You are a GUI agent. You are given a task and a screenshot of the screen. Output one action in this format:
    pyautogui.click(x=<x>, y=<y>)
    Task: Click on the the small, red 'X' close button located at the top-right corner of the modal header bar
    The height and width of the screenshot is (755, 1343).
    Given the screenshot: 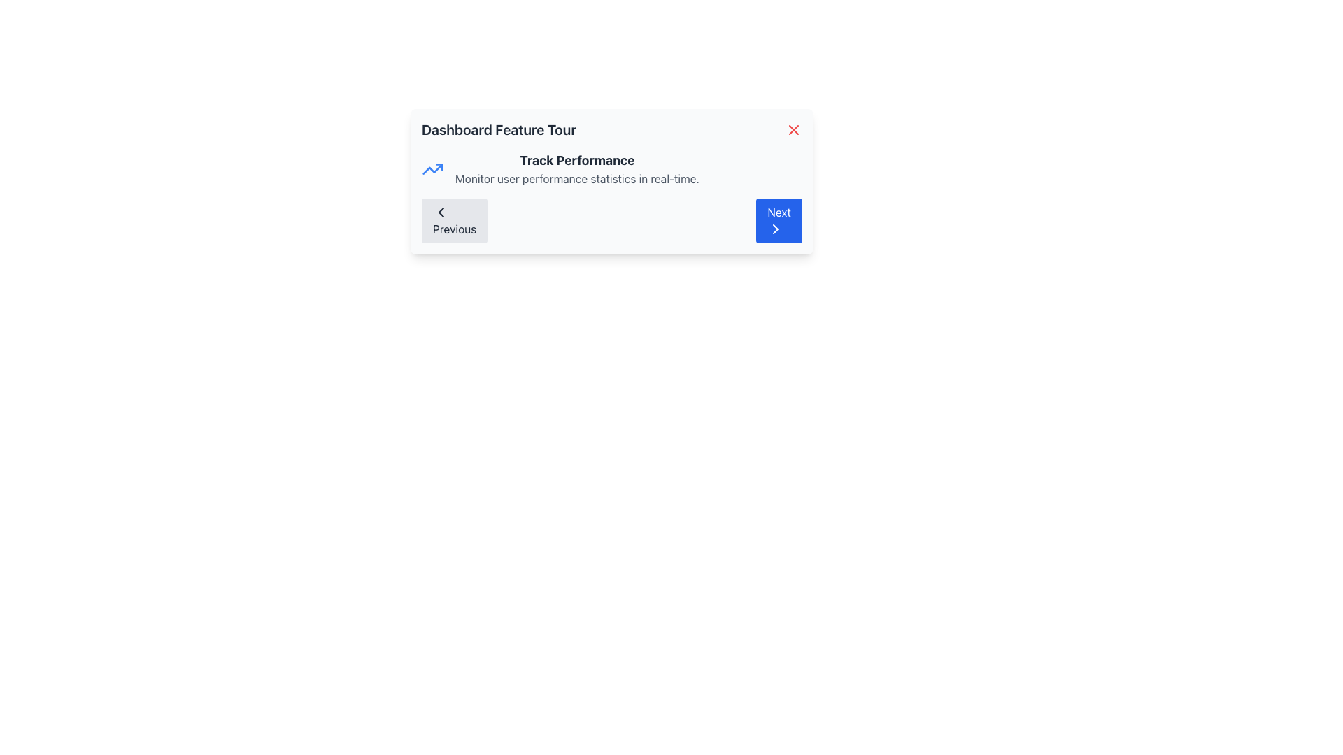 What is the action you would take?
    pyautogui.click(x=793, y=129)
    